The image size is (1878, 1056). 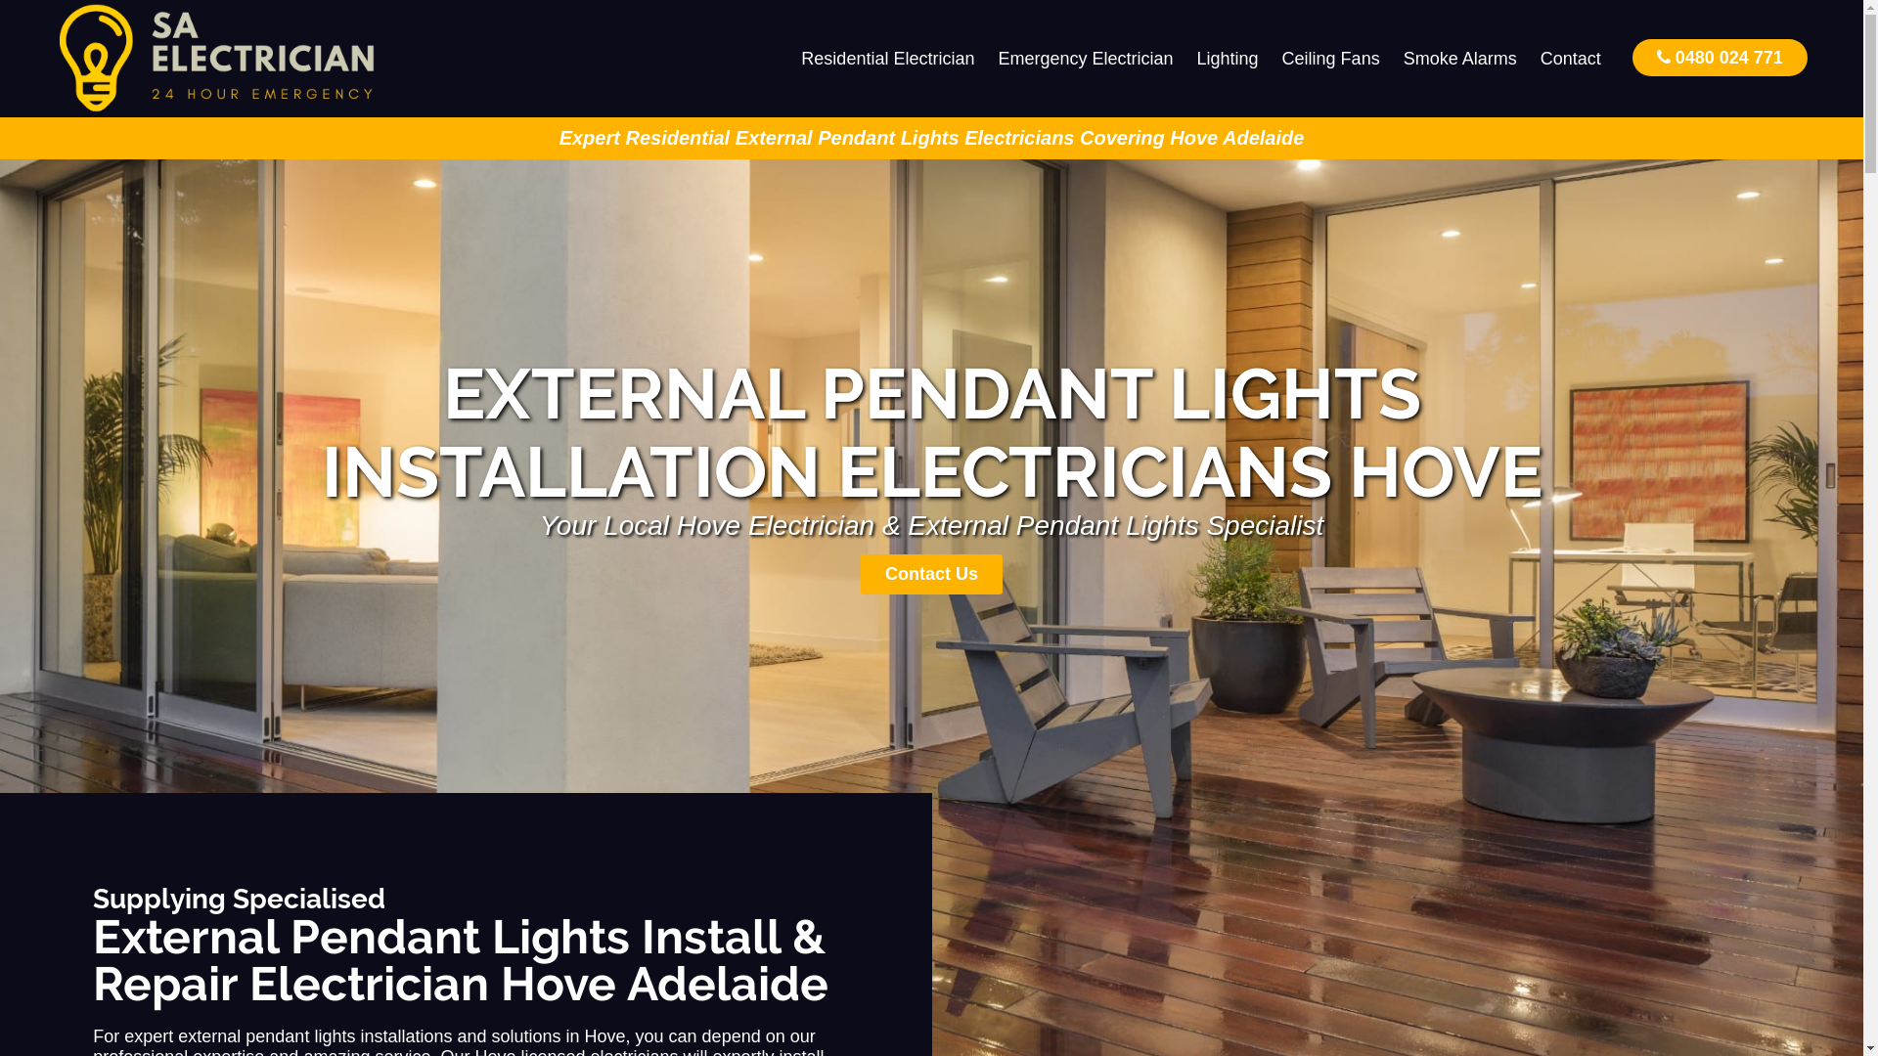 I want to click on 'Contact Us', so click(x=930, y=573).